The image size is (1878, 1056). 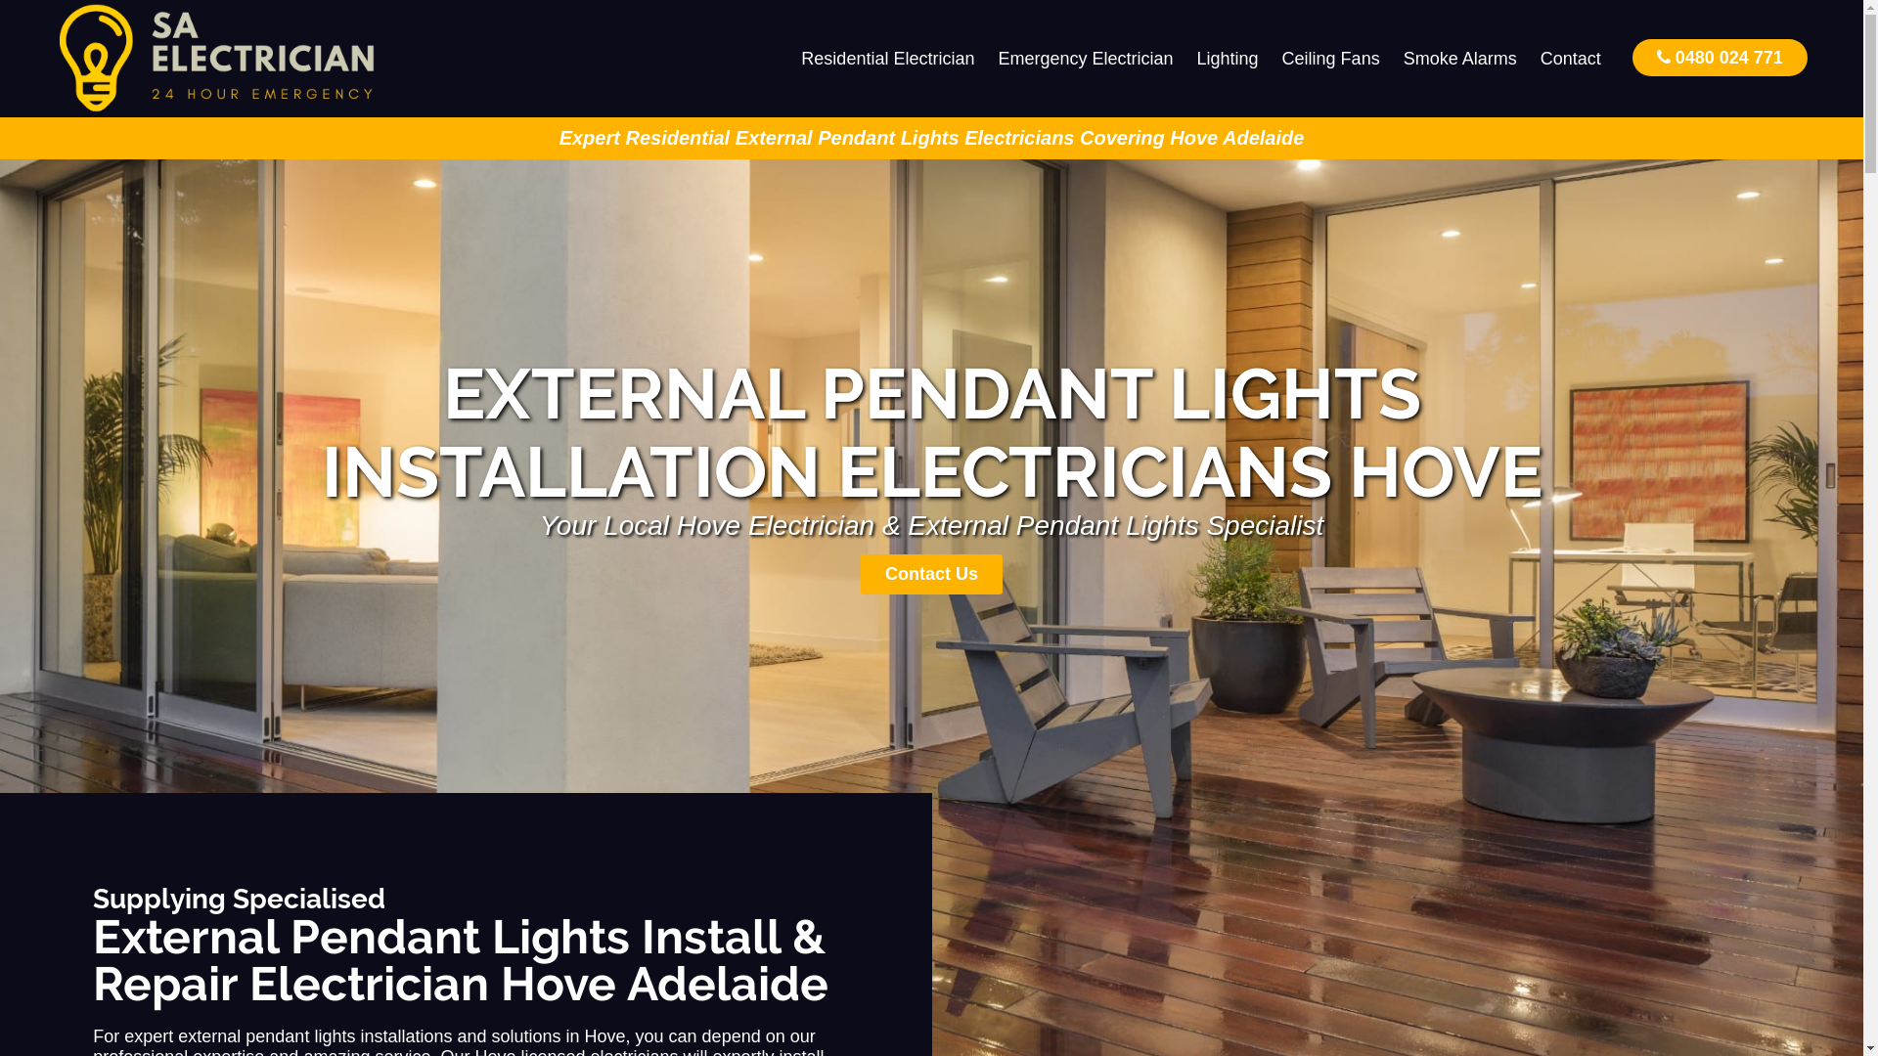 I want to click on 'Contact Us', so click(x=930, y=573).